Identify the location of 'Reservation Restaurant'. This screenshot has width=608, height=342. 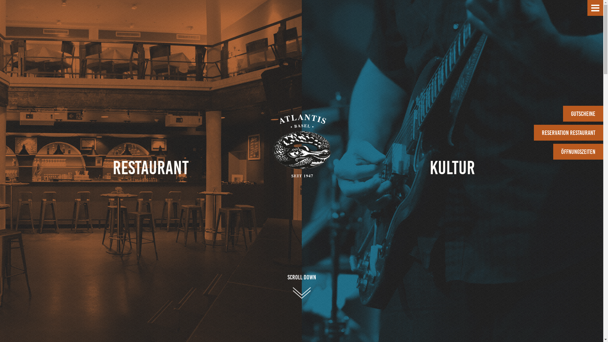
(568, 132).